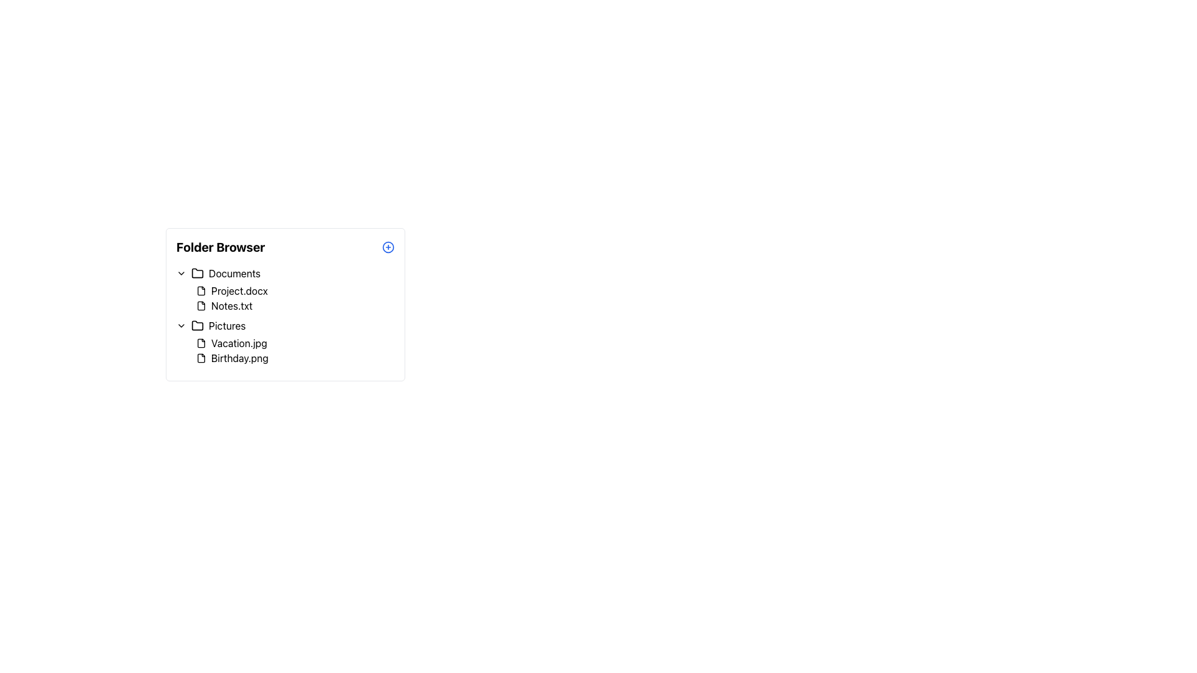 The width and height of the screenshot is (1197, 673). What do you see at coordinates (221, 247) in the screenshot?
I see `text from the bold label that says 'Folder Browser' located at the top of the folder navigation interface` at bounding box center [221, 247].